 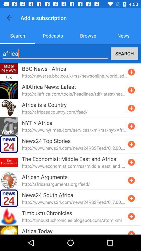 What do you see at coordinates (131, 108) in the screenshot?
I see `open the home page titled africa is a country` at bounding box center [131, 108].